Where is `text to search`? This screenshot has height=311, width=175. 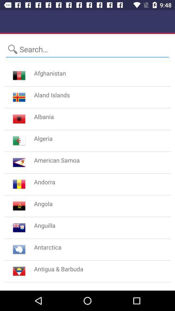
text to search is located at coordinates (87, 49).